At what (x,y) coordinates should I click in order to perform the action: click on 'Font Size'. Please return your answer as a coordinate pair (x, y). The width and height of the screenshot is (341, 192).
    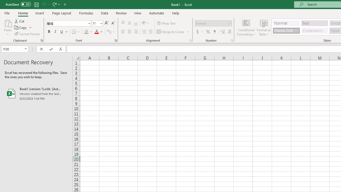
    Looking at the image, I should click on (97, 23).